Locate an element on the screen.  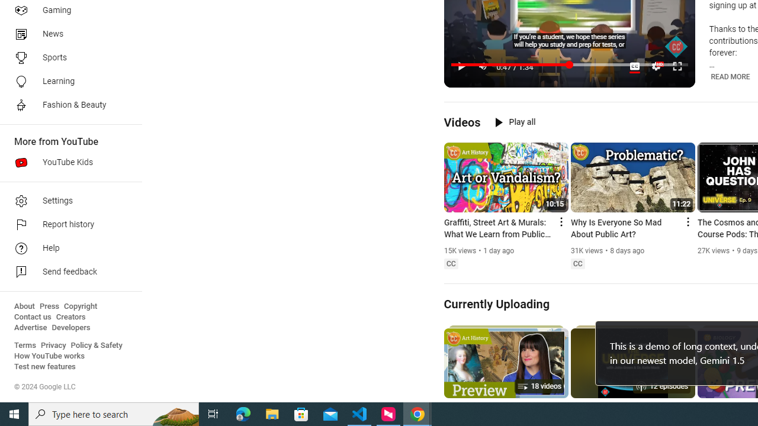
'YouTube Kids' is located at coordinates (66, 163).